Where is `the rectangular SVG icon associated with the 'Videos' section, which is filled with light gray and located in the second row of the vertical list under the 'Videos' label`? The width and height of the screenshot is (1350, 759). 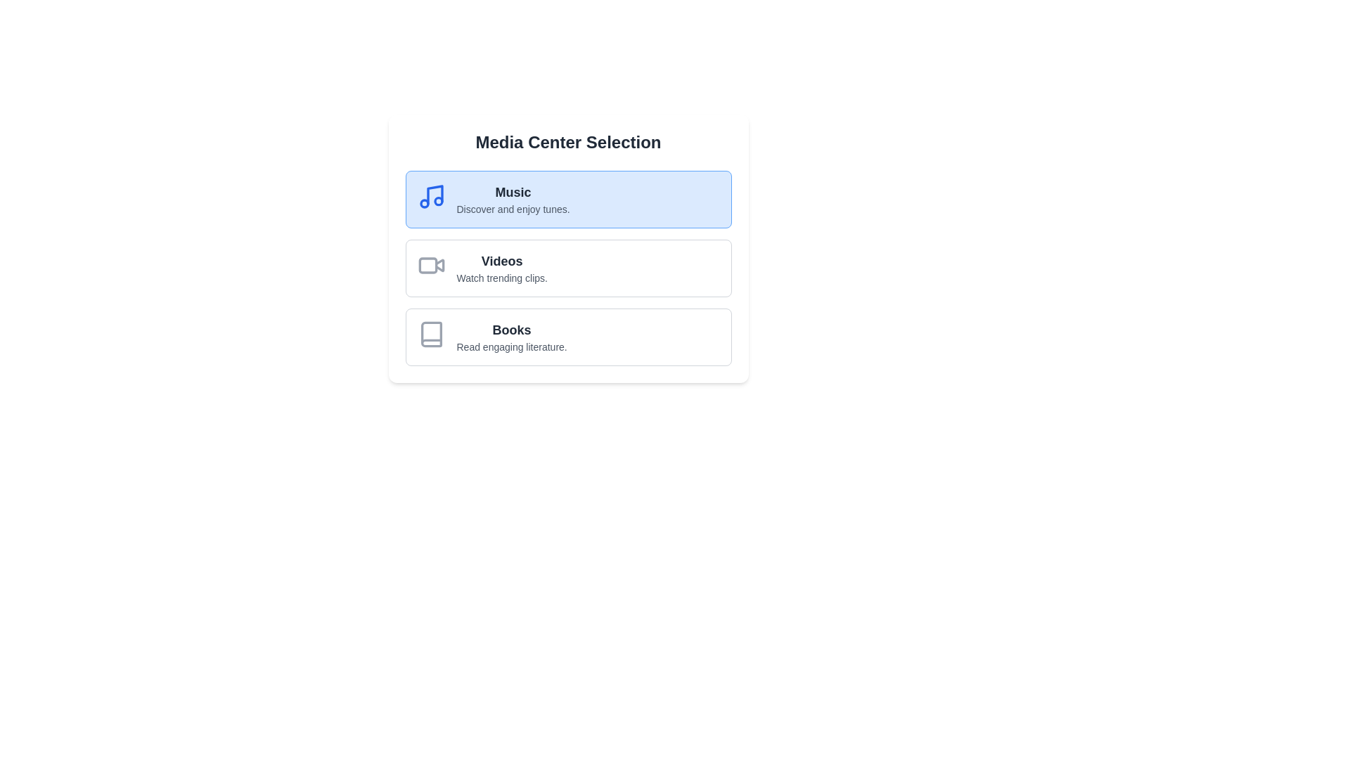 the rectangular SVG icon associated with the 'Videos' section, which is filled with light gray and located in the second row of the vertical list under the 'Videos' label is located at coordinates (427, 266).